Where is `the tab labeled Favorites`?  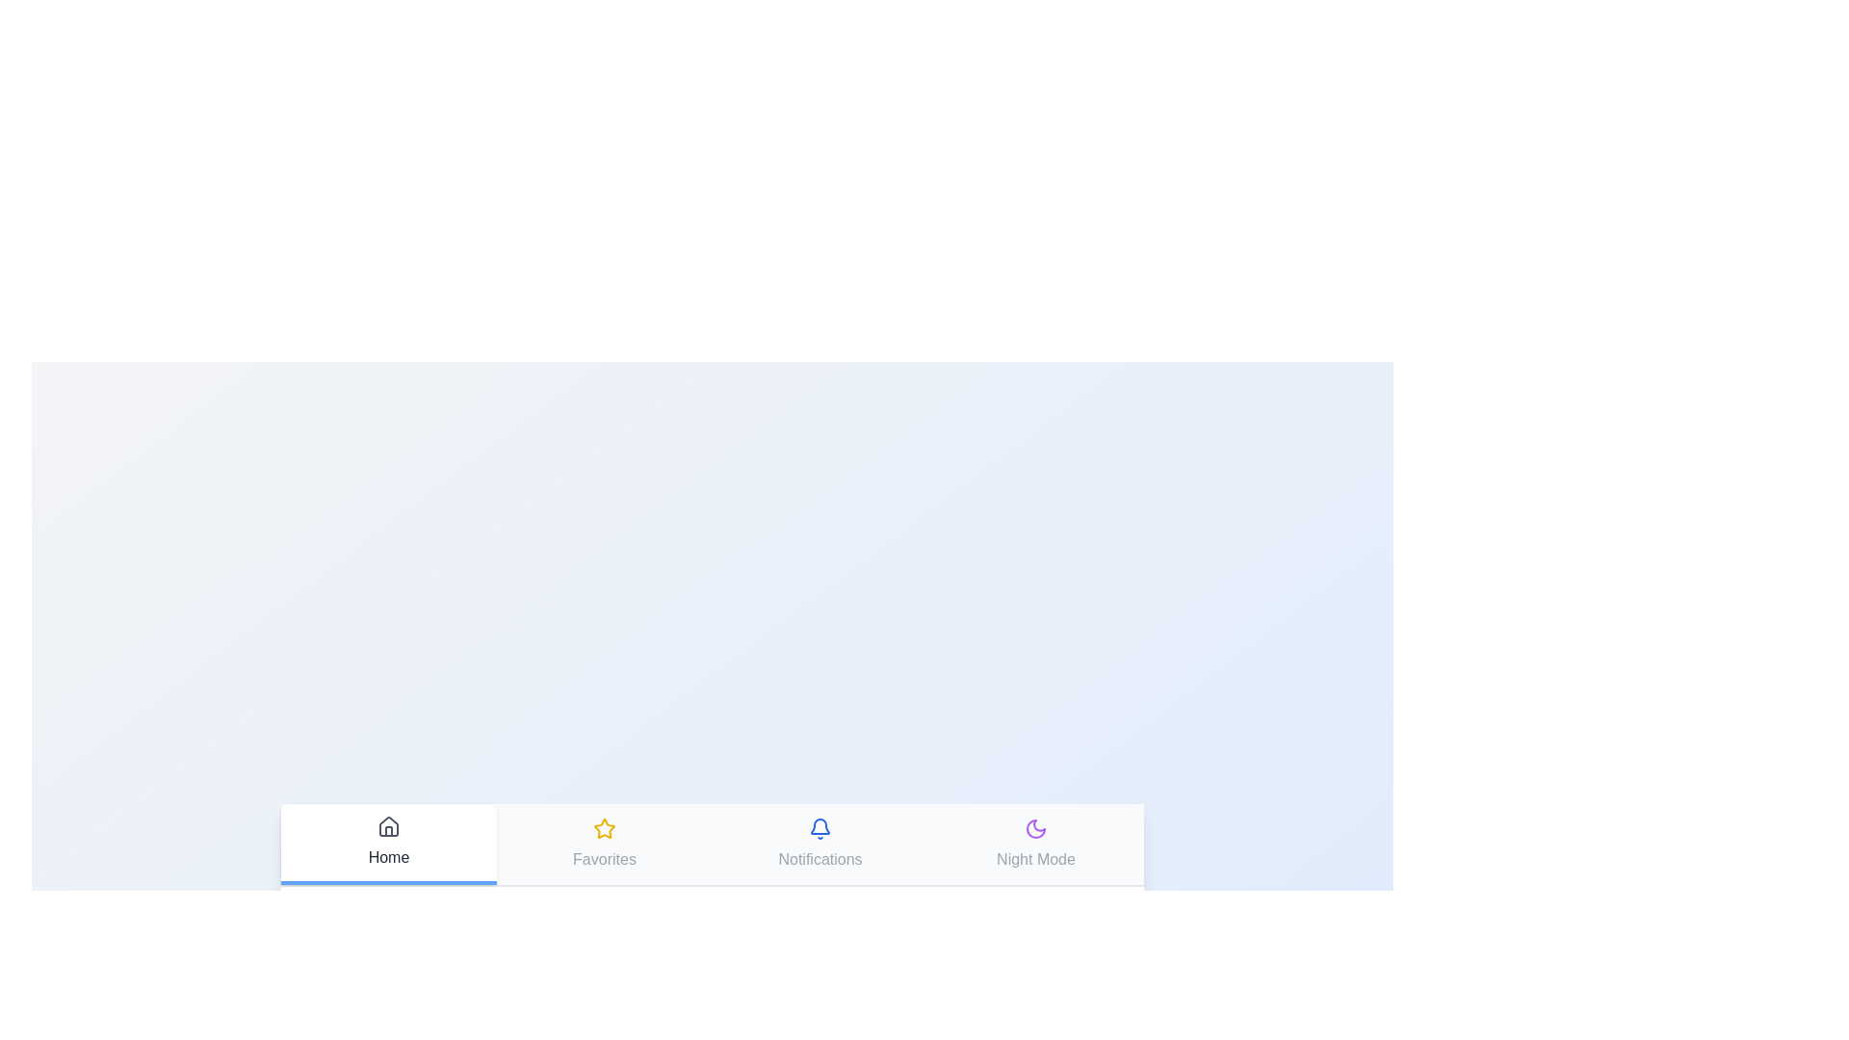 the tab labeled Favorites is located at coordinates (604, 843).